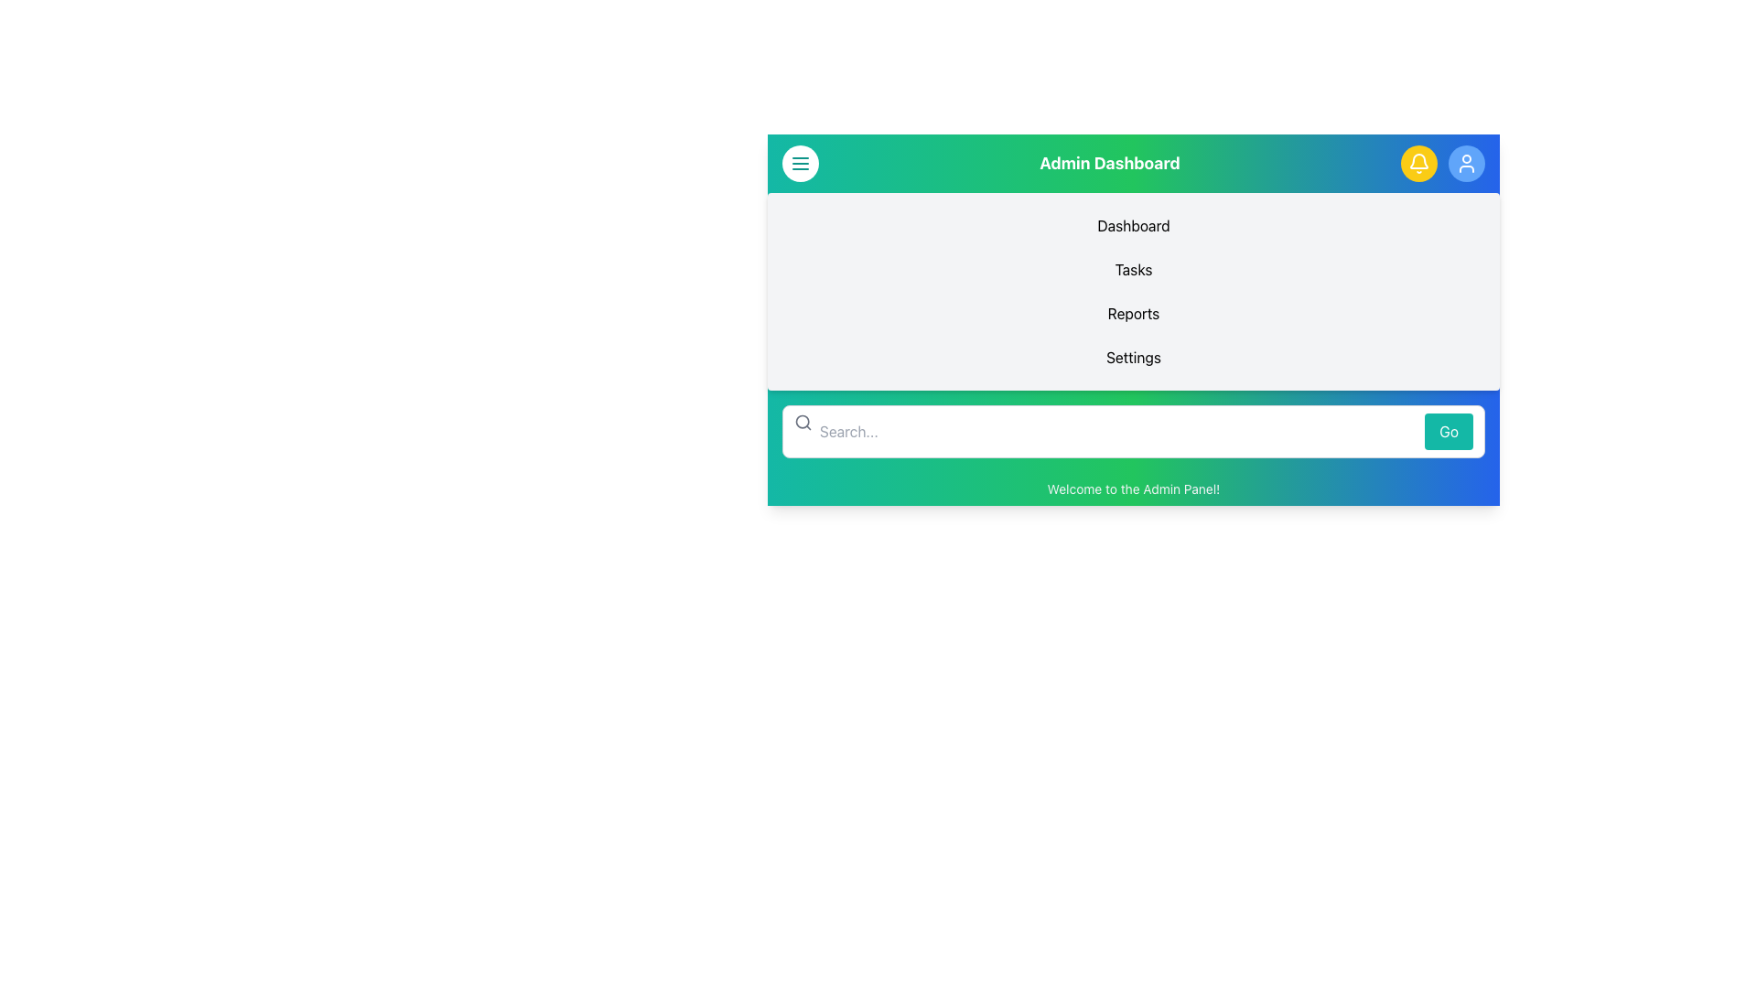 This screenshot has height=988, width=1757. What do you see at coordinates (1132, 489) in the screenshot?
I see `the text label that reads 'Welcome to the Admin Panel!' styled with a smaller font size and gray color, located at the bottom of the admin dashboard, following the search bar` at bounding box center [1132, 489].